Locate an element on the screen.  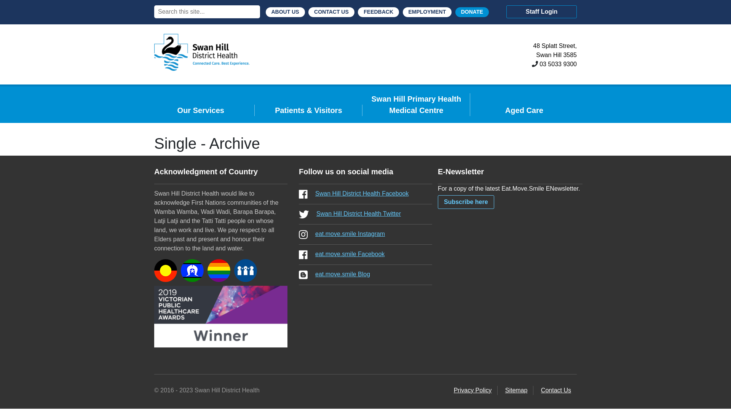
'eat.move.smile Blog' is located at coordinates (365, 275).